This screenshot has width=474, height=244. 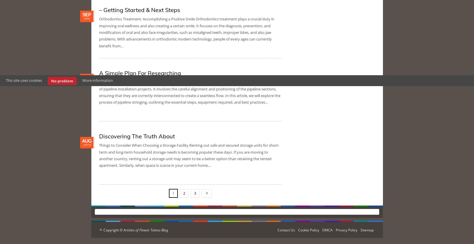 What do you see at coordinates (189, 155) in the screenshot?
I see `'Things to Consider When Choosing a Storage Facility Renting out safe and secured storage units for short-term and long-term household storage needs is becoming popular these days. If you are moving to another country, renting out a storage unit may seem to be a better option than retaining the rented apartment. Similarly, when space is scarce in your current home,…'` at bounding box center [189, 155].